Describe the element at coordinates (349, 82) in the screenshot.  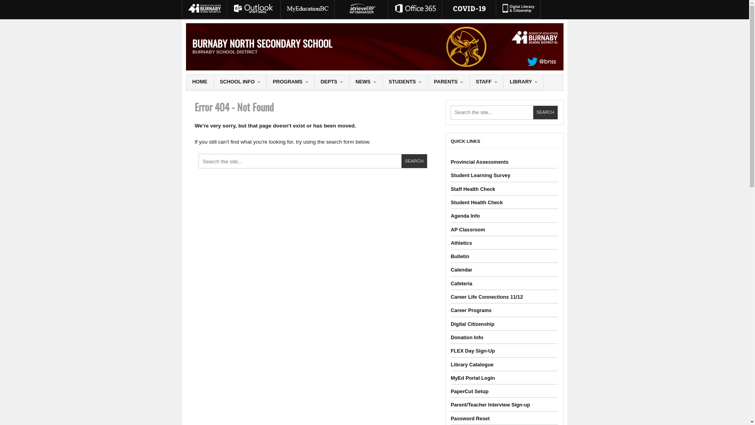
I see `'NEWS'` at that location.